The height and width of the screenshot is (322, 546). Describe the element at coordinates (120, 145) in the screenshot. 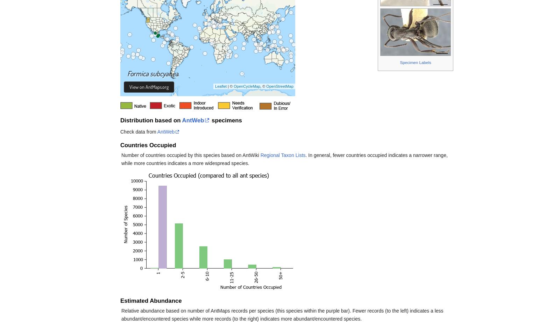

I see `'Countries Occupied'` at that location.